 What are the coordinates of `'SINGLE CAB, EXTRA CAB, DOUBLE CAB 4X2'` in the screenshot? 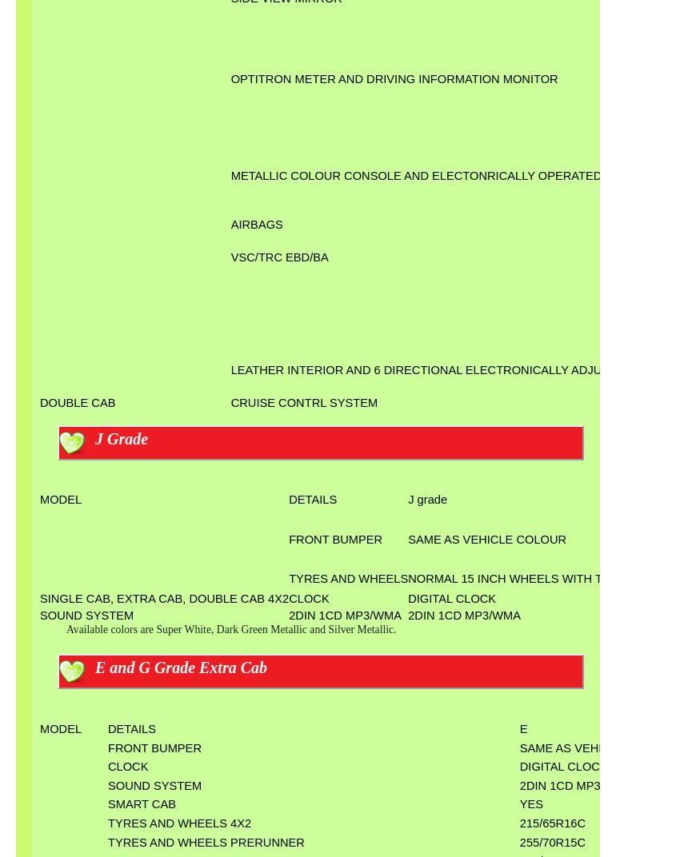 It's located at (163, 599).